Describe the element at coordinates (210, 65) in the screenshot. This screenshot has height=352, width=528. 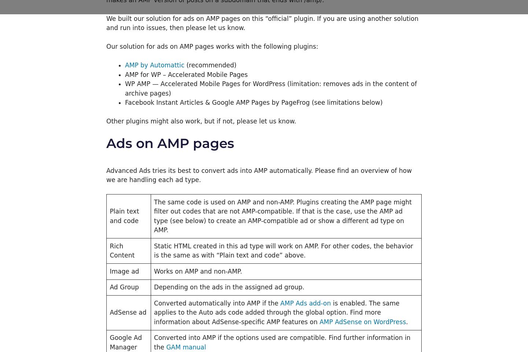
I see `'(recommended)'` at that location.